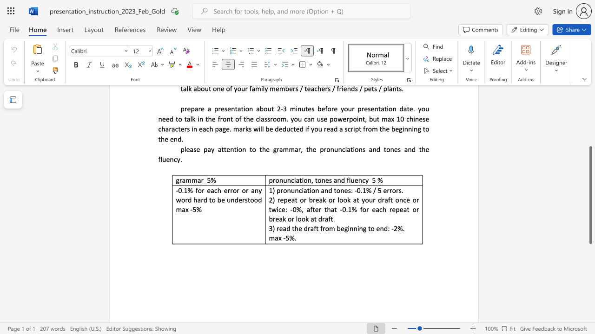 This screenshot has height=334, width=595. I want to click on the scrollbar on the side, so click(590, 130).